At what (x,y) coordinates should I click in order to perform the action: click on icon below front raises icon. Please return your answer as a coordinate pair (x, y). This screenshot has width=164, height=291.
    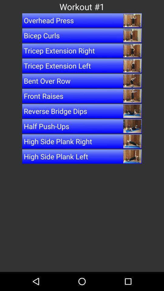
    Looking at the image, I should click on (82, 111).